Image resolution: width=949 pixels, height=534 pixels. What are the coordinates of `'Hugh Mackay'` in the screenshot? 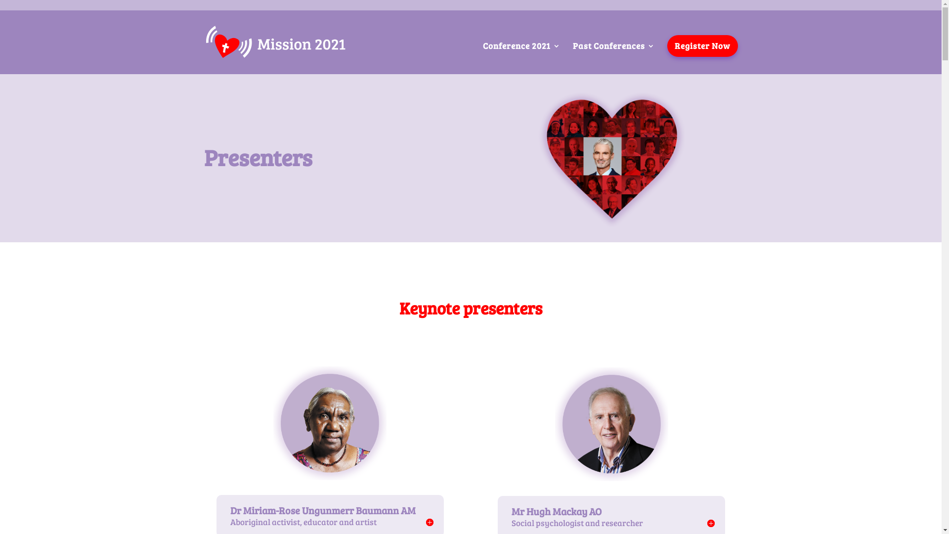 It's located at (611, 423).